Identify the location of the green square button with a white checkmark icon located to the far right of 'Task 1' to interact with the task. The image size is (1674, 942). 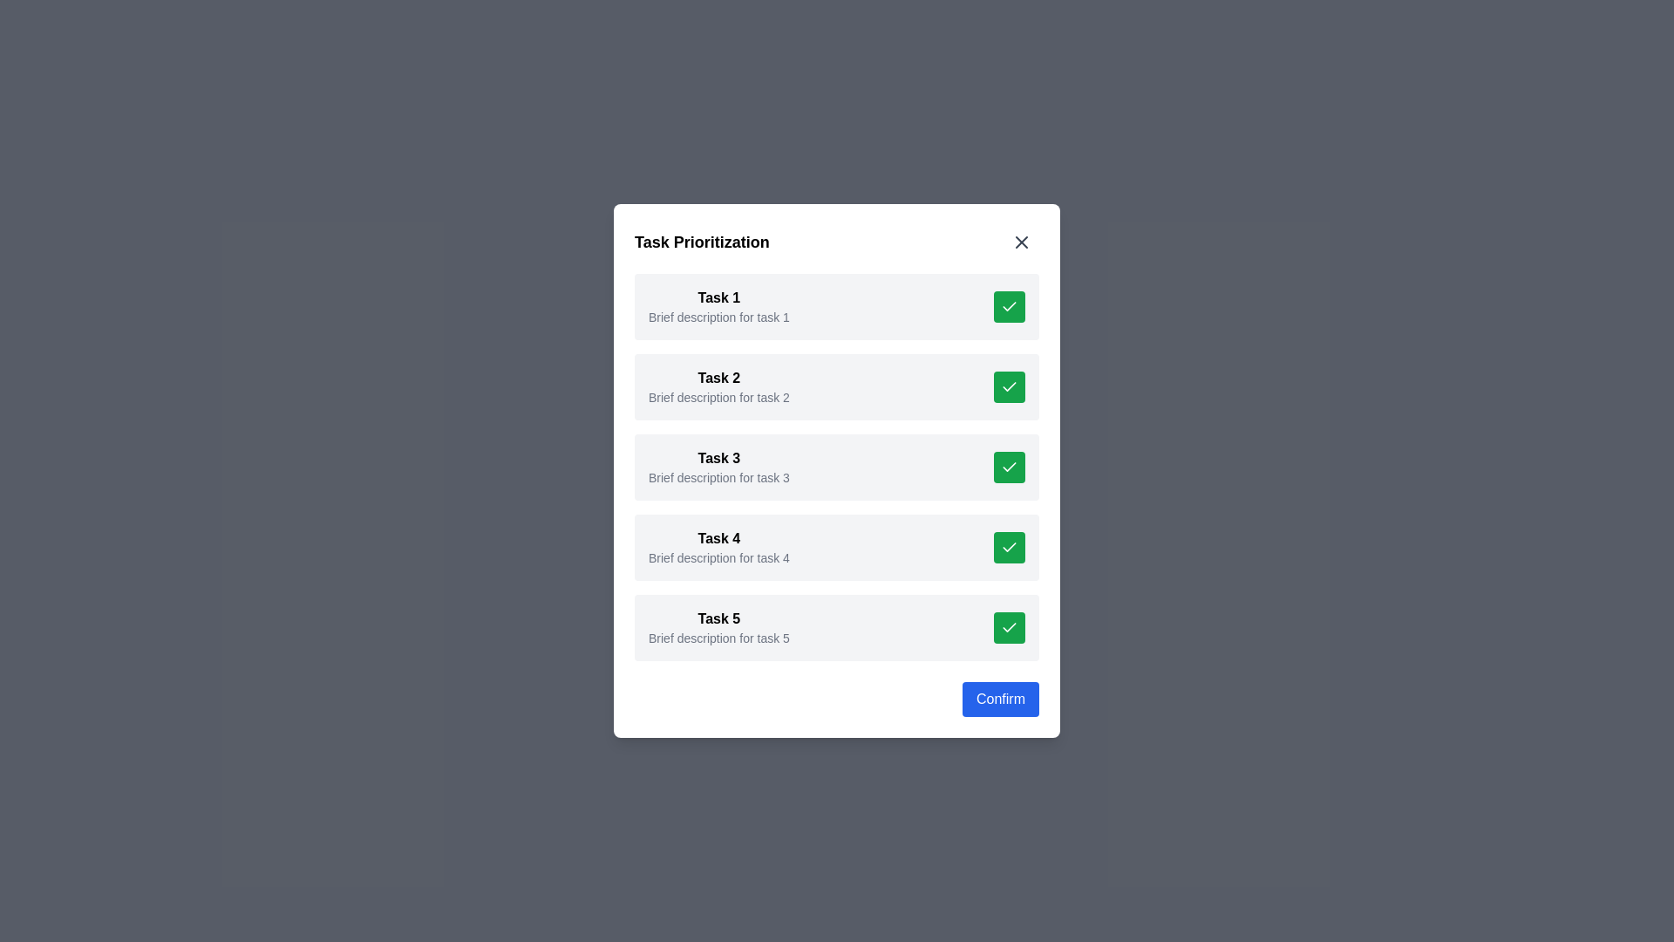
(1009, 305).